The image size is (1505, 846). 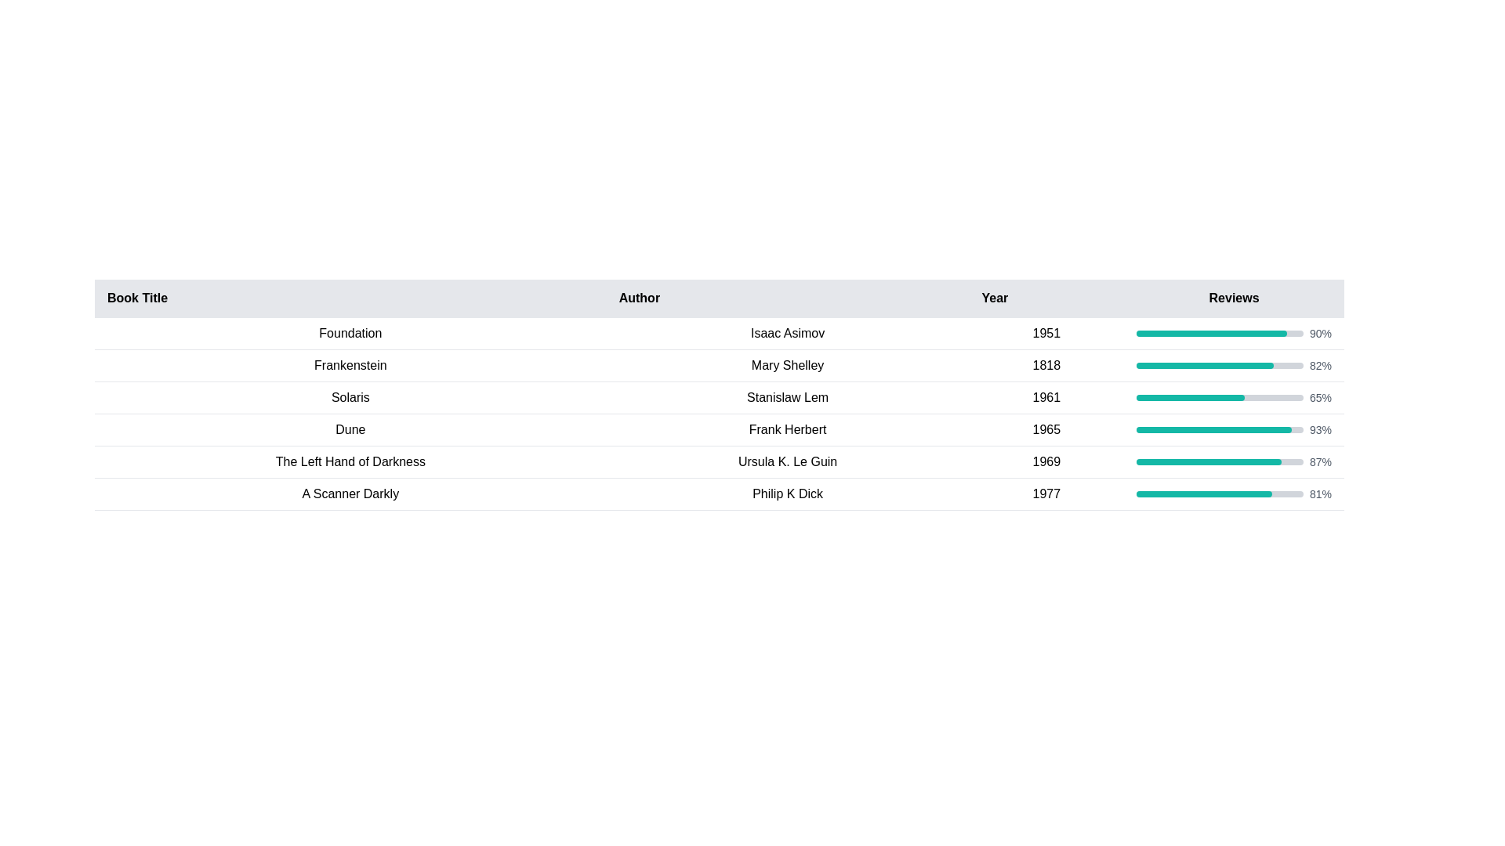 I want to click on the text displaying the publication year of the book 'A Scanner Darkly' located in the 'Year' column of the last row in the table, positioned between 'Philip K Dick' and '81%', so click(x=1046, y=494).